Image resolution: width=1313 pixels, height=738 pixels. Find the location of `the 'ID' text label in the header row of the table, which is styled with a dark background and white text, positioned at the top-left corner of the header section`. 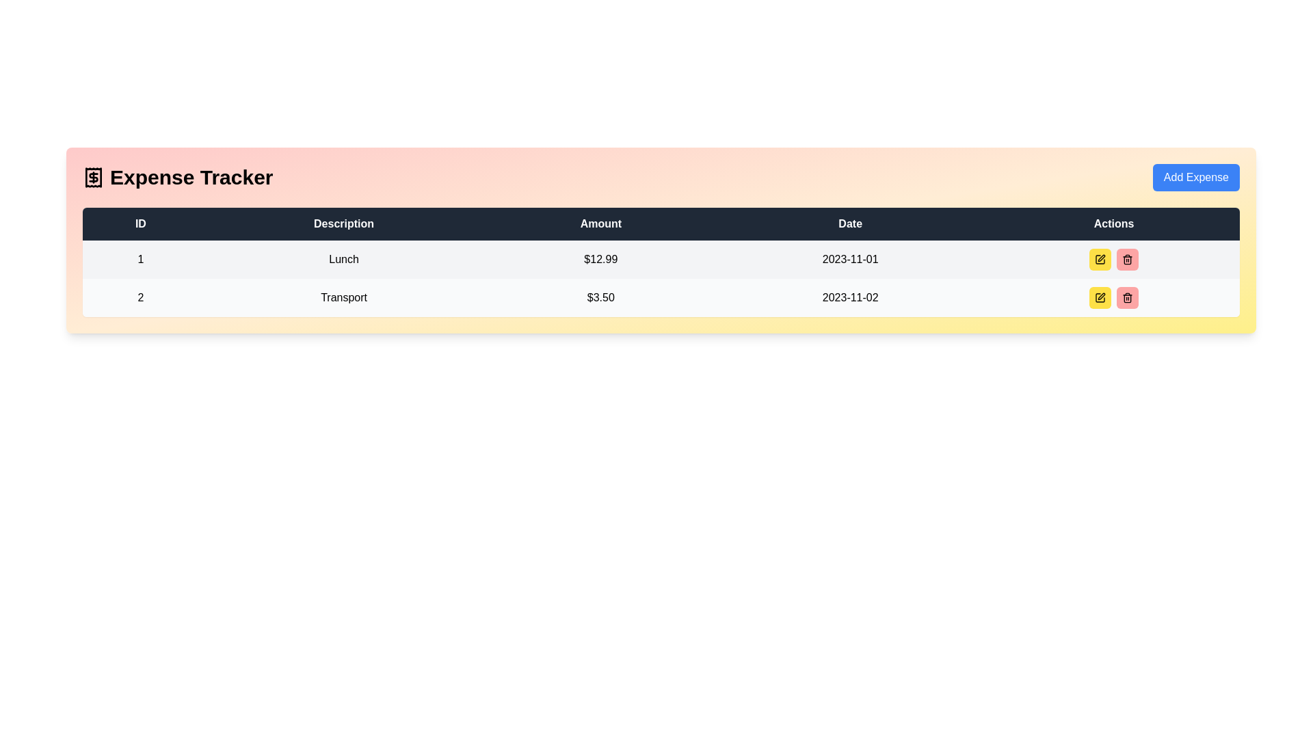

the 'ID' text label in the header row of the table, which is styled with a dark background and white text, positioned at the top-left corner of the header section is located at coordinates (140, 223).